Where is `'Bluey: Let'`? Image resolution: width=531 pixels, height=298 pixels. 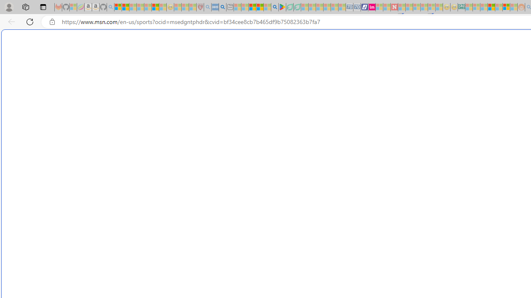
'Bluey: Let' is located at coordinates (282, 7).